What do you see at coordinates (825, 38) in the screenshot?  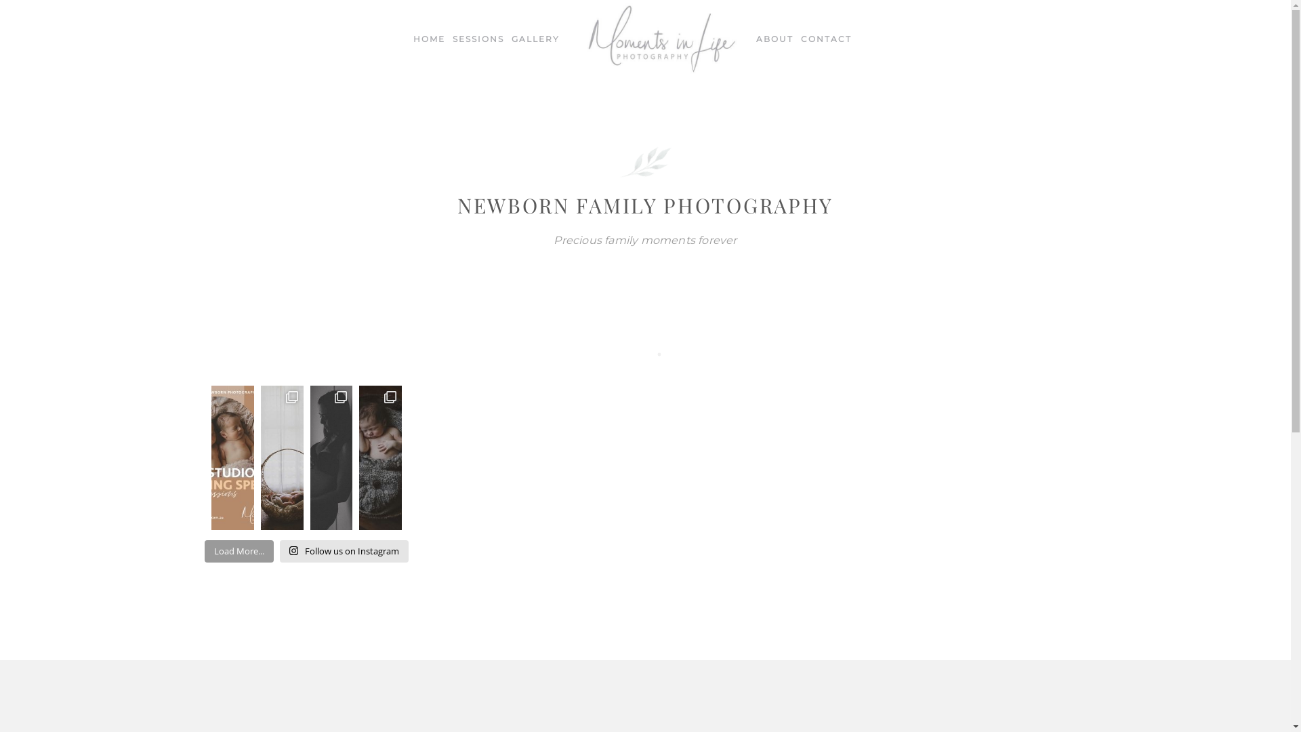 I see `'CONTACT'` at bounding box center [825, 38].